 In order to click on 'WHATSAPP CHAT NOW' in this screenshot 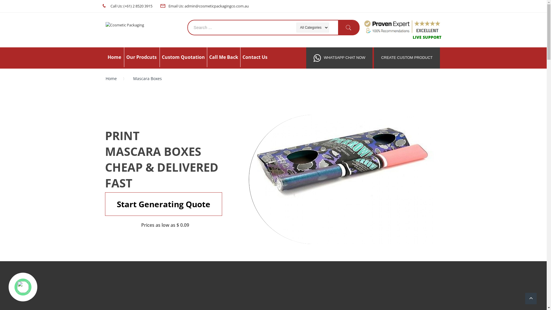, I will do `click(339, 58)`.